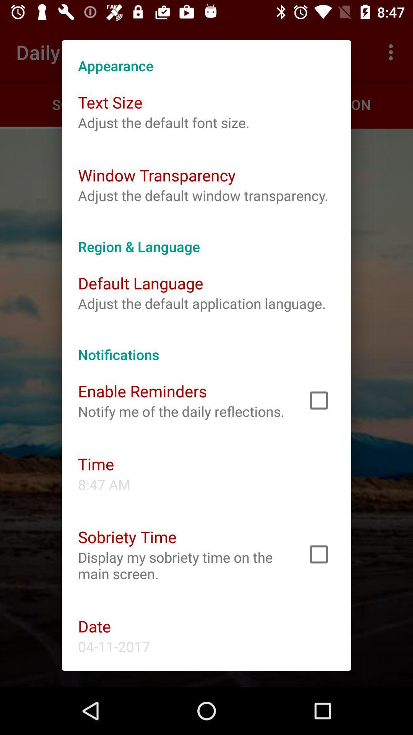 The image size is (413, 735). What do you see at coordinates (110, 102) in the screenshot?
I see `icon at the top left corner` at bounding box center [110, 102].